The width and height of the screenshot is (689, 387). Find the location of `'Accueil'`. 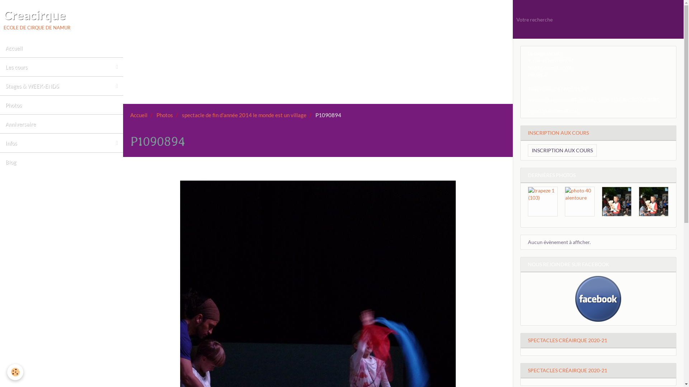

'Accueil' is located at coordinates (139, 114).